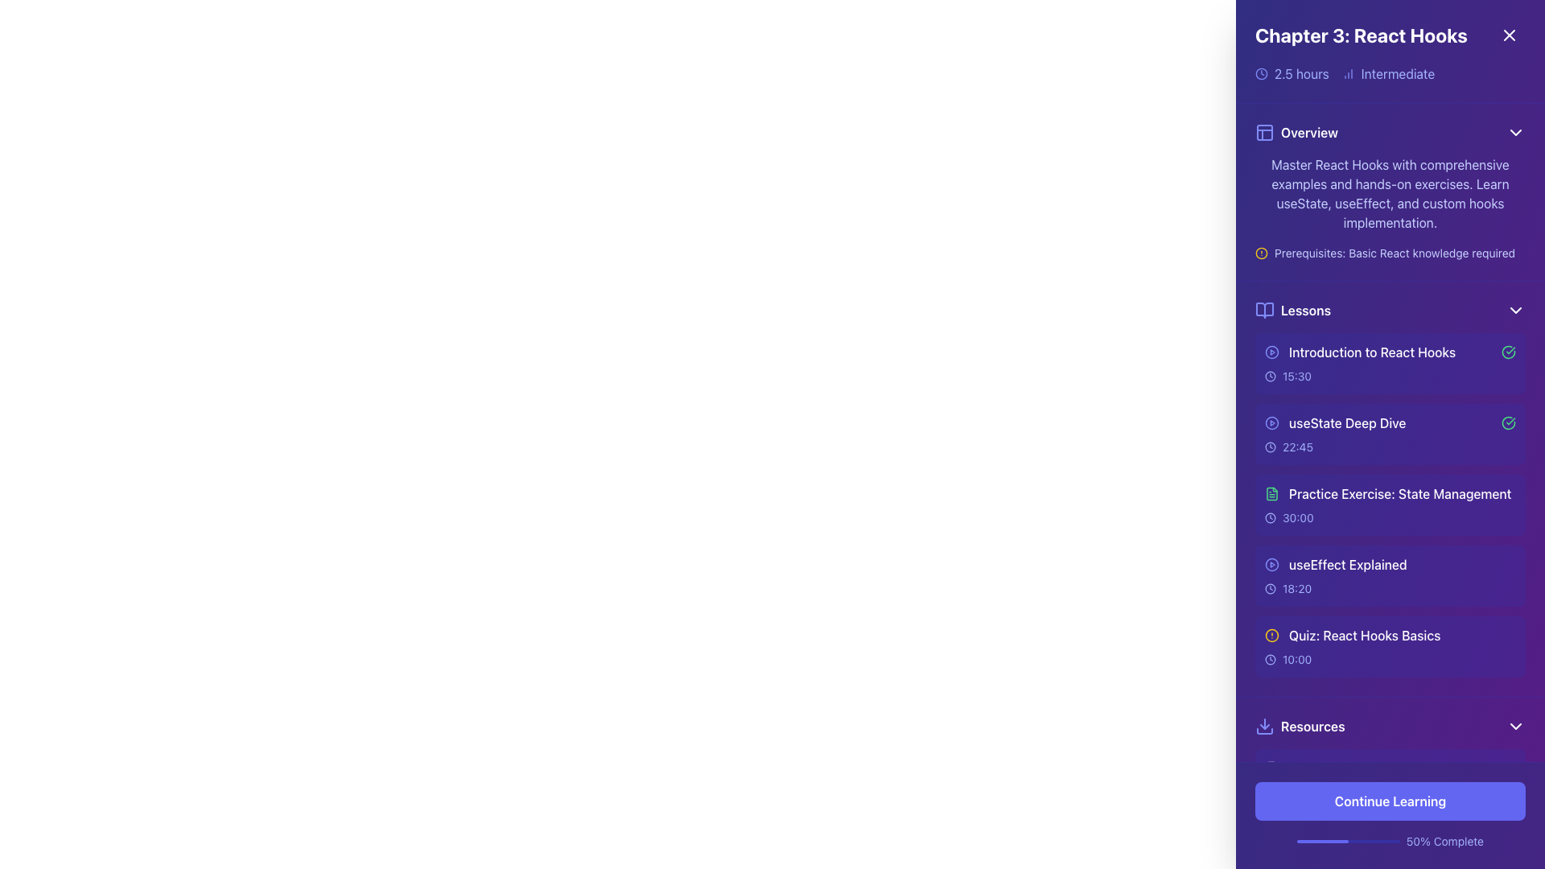 This screenshot has height=869, width=1545. I want to click on the 'useState Deep Dive' card/button, which is the second item in the 'Lessons' section, so click(1390, 434).